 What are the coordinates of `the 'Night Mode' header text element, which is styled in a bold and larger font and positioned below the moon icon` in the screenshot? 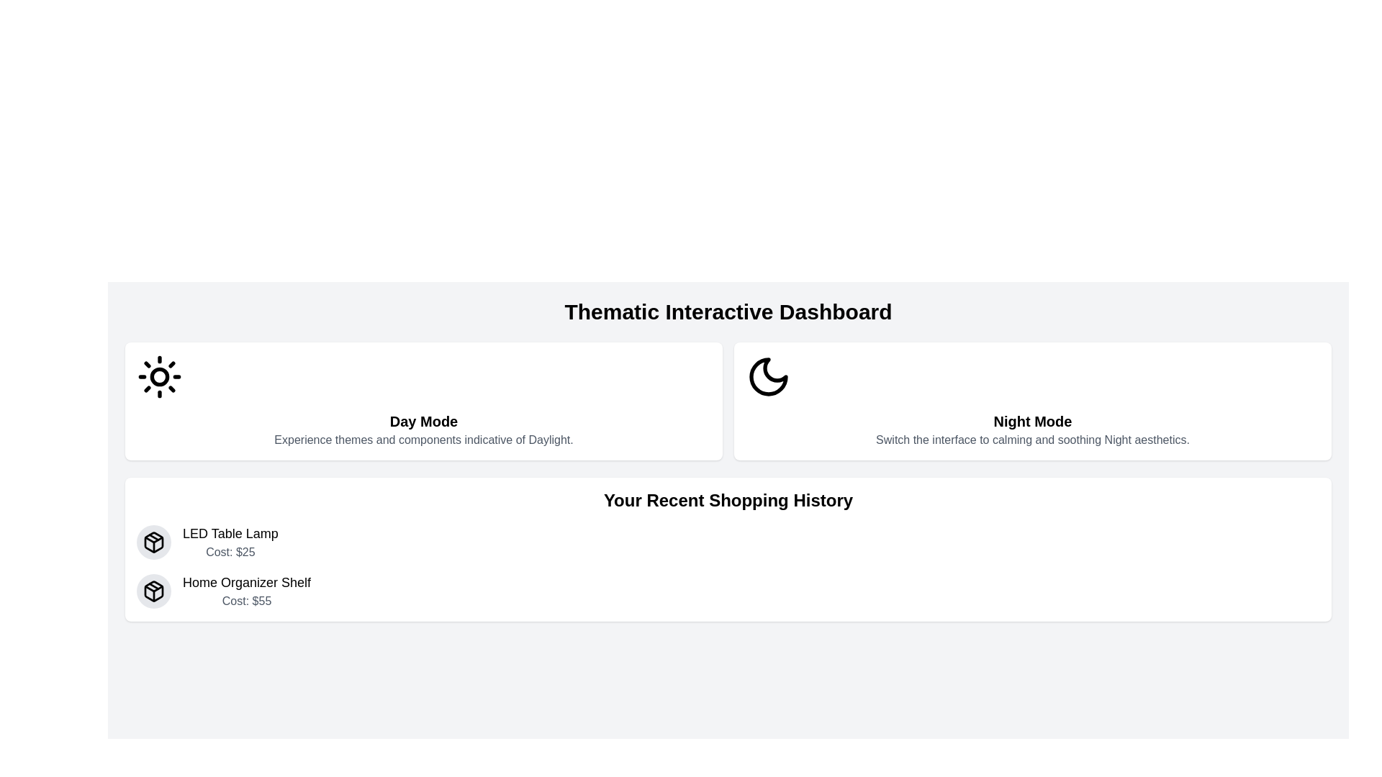 It's located at (1032, 421).